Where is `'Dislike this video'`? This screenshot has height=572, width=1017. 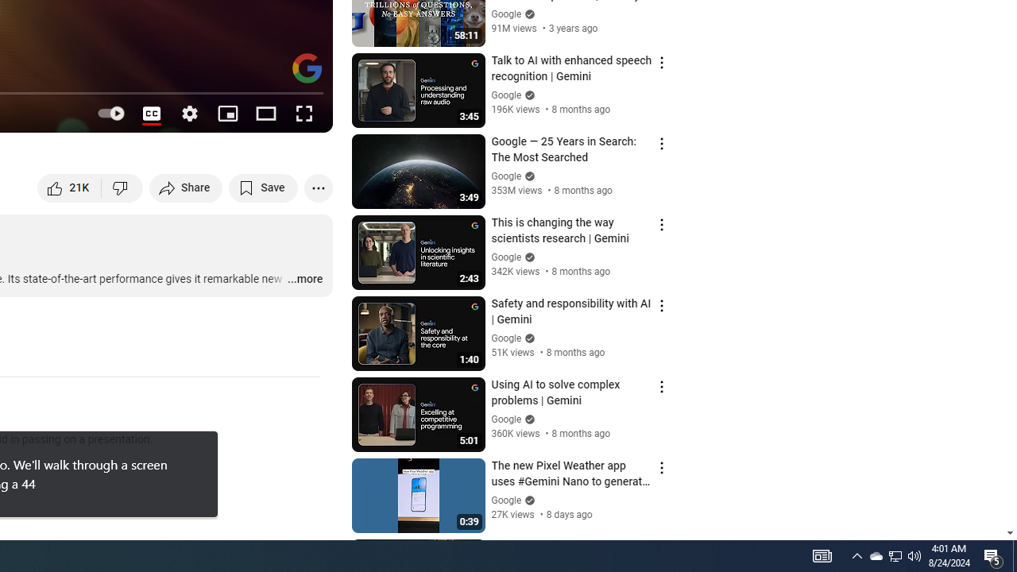 'Dislike this video' is located at coordinates (122, 187).